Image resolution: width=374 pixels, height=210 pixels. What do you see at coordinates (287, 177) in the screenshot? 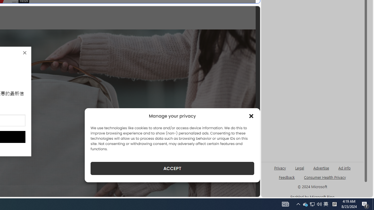
I see `'AutomationID: sb_feedback'` at bounding box center [287, 177].